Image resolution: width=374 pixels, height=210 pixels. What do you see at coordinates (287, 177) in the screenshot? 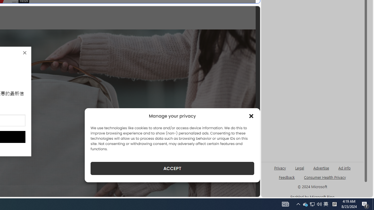
I see `'AutomationID: sb_feedback'` at bounding box center [287, 177].